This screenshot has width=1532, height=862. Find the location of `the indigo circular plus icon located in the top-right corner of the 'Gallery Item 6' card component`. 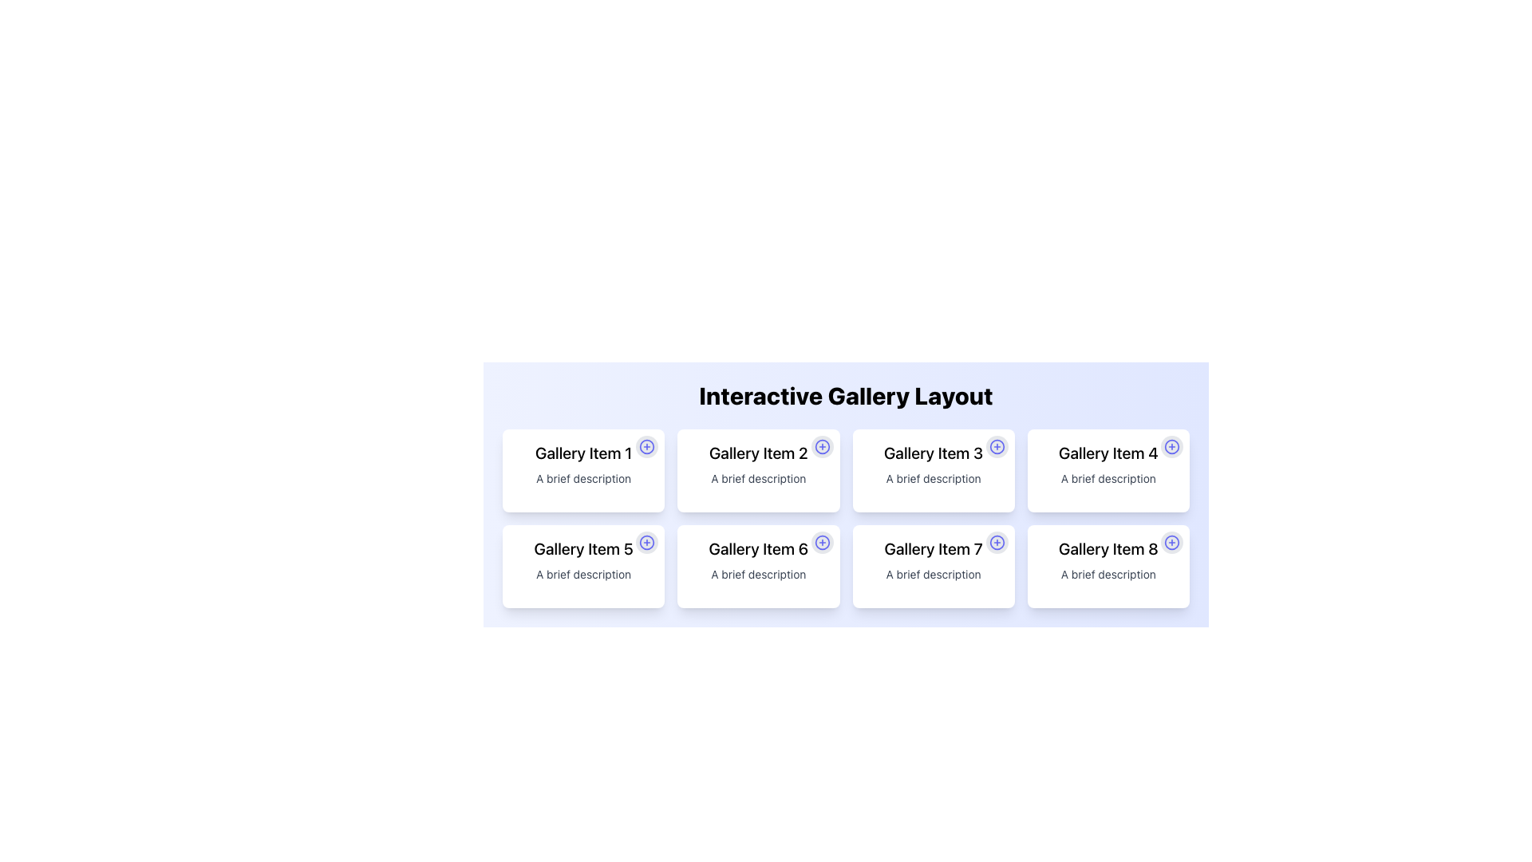

the indigo circular plus icon located in the top-right corner of the 'Gallery Item 6' card component is located at coordinates (822, 541).